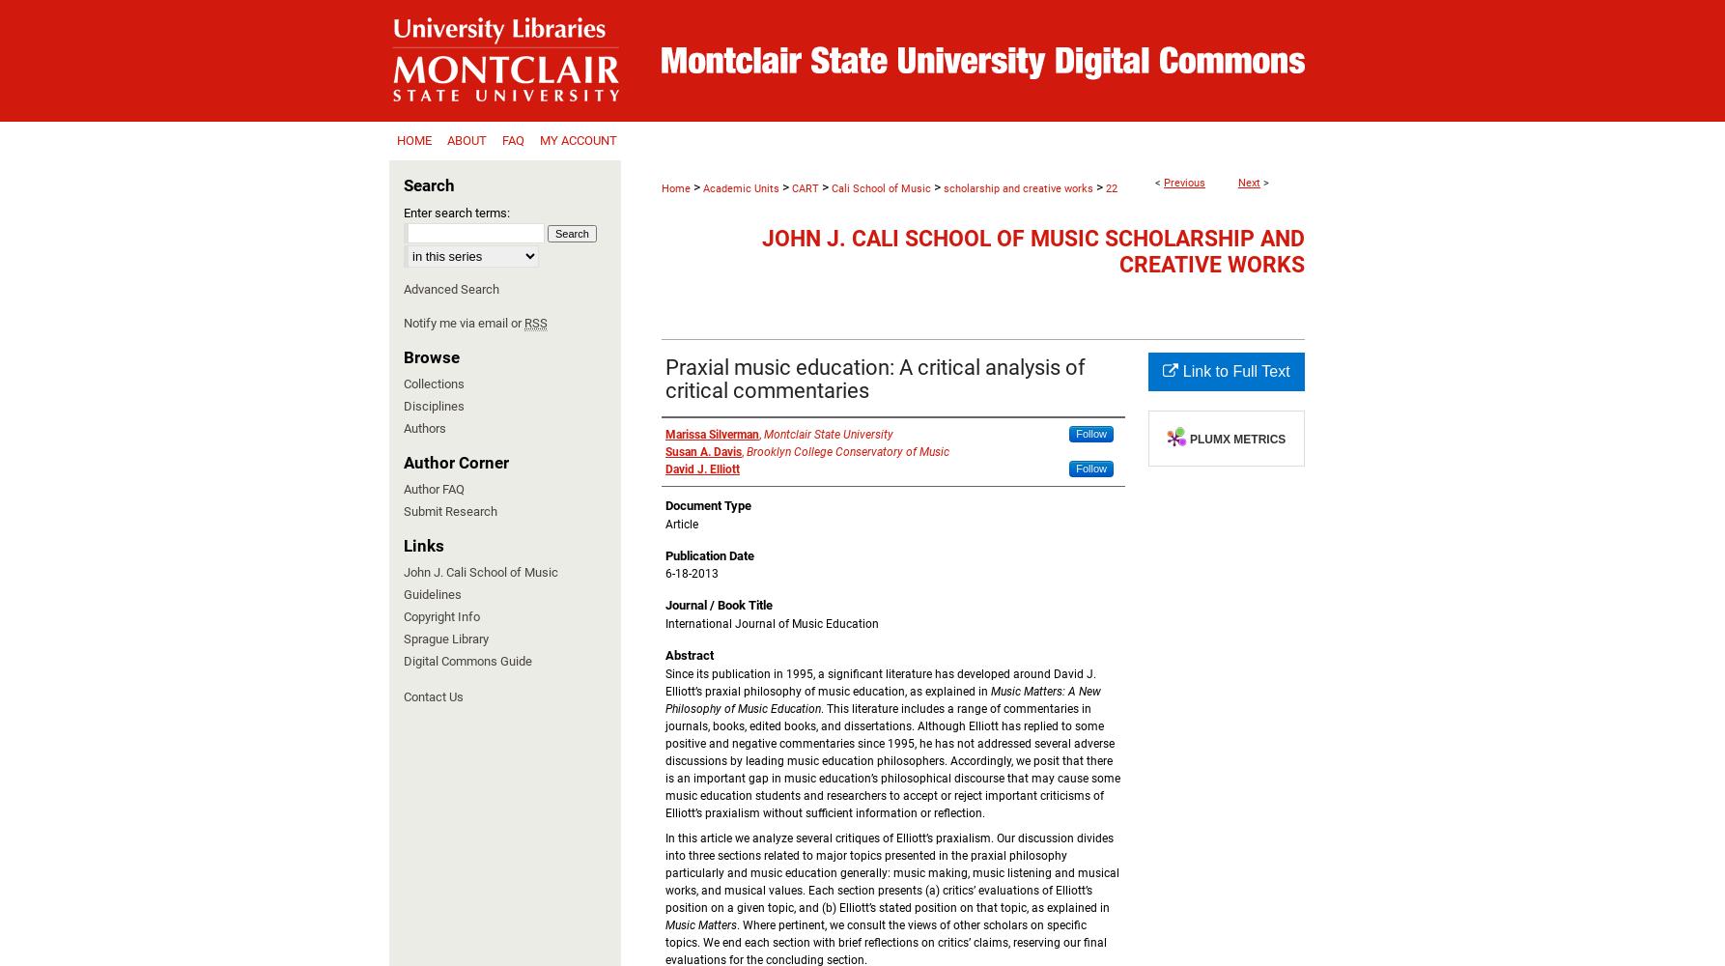  What do you see at coordinates (403, 212) in the screenshot?
I see `'Enter search terms:'` at bounding box center [403, 212].